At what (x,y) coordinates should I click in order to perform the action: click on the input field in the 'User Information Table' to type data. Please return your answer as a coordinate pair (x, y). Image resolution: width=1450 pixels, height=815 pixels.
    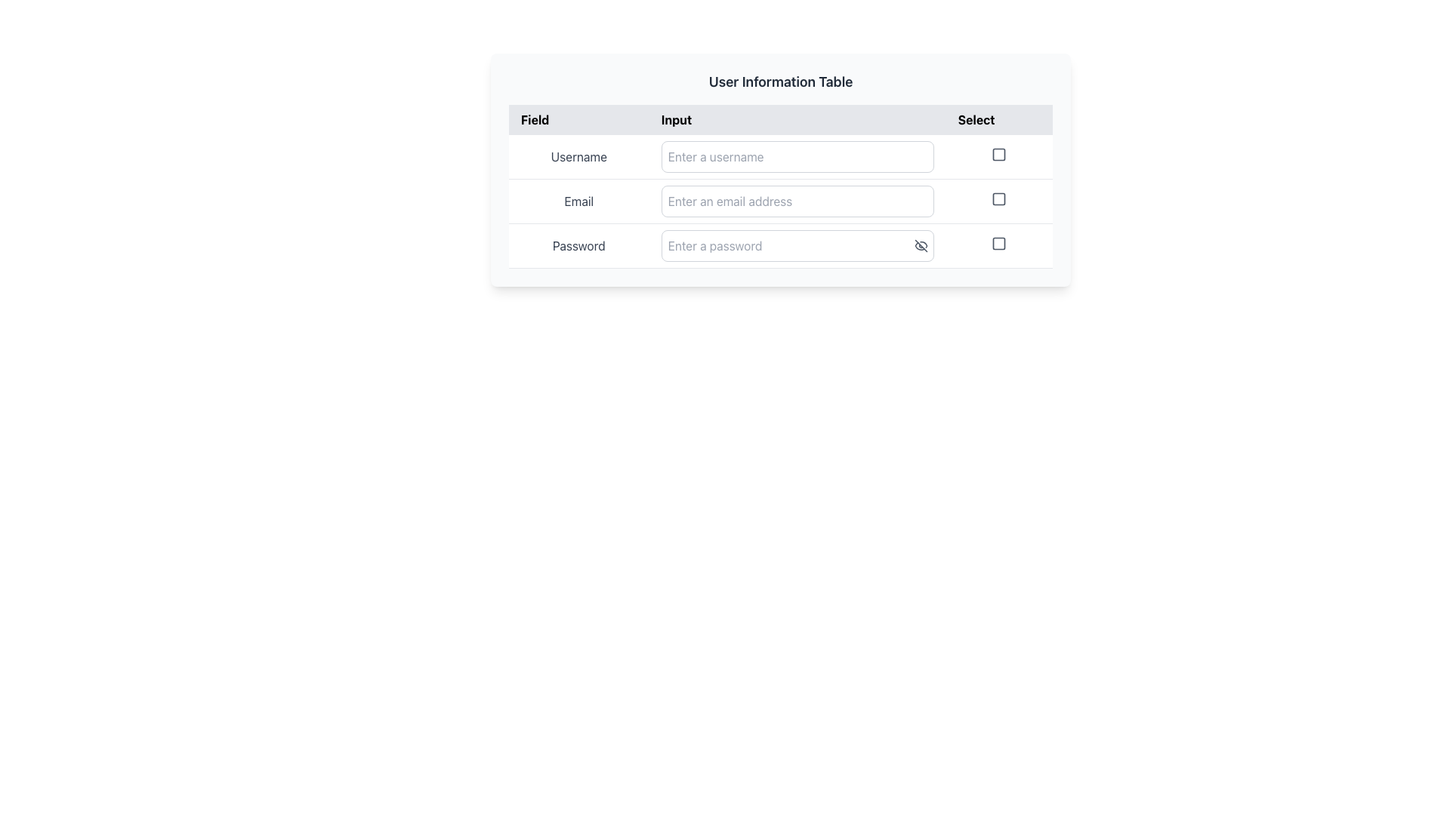
    Looking at the image, I should click on (780, 200).